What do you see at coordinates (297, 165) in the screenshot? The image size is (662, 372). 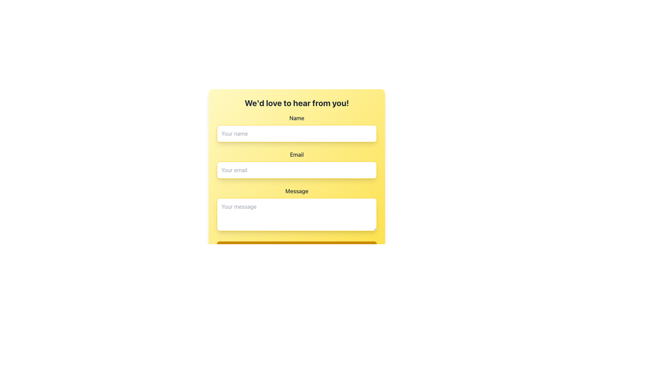 I see `the second input field for email address in the form, which is located below the 'Name' input field and above the 'Message' text area` at bounding box center [297, 165].